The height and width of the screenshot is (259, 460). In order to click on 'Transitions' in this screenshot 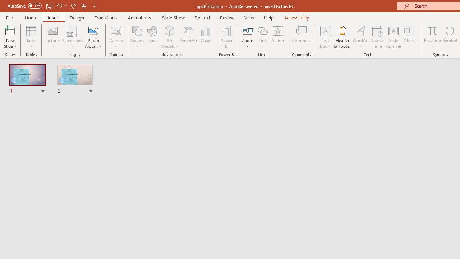, I will do `click(106, 17)`.